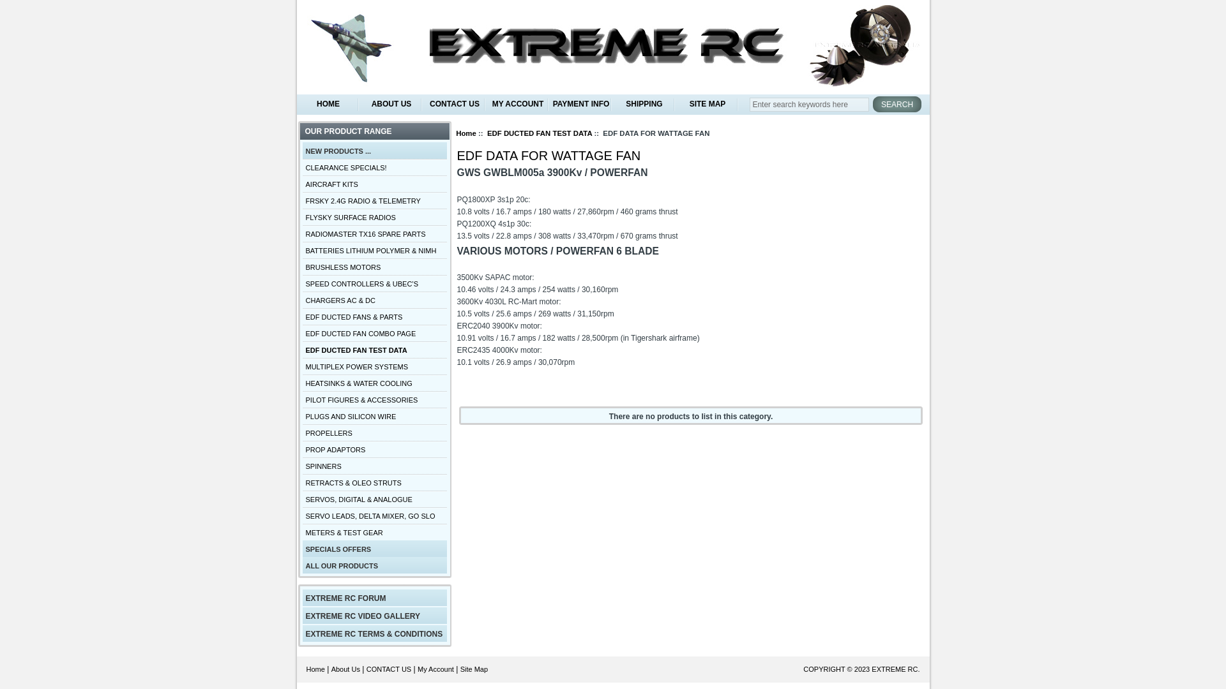 The height and width of the screenshot is (689, 1226). Describe the element at coordinates (897, 103) in the screenshot. I see `'Search'` at that location.